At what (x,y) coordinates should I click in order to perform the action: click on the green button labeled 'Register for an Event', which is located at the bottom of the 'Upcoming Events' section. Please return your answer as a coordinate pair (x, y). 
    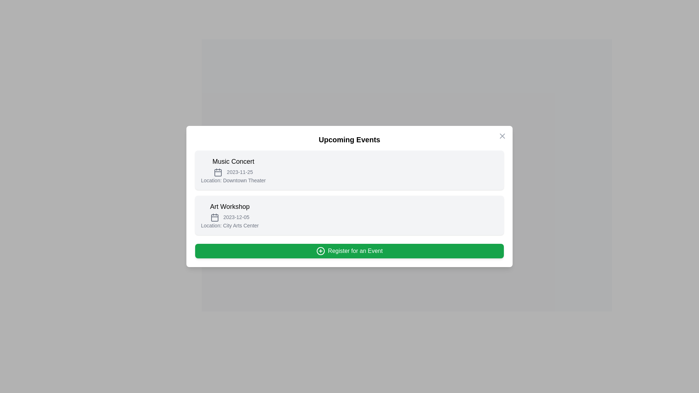
    Looking at the image, I should click on (349, 251).